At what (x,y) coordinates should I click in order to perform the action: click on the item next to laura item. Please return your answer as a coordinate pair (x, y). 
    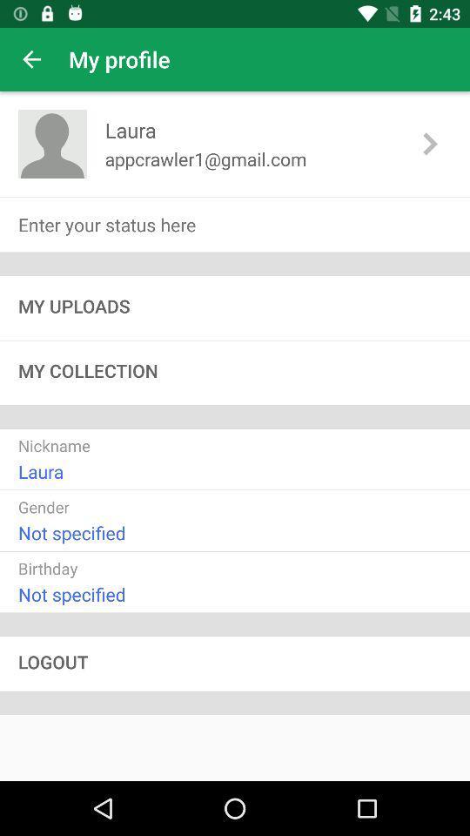
    Looking at the image, I should click on (52, 143).